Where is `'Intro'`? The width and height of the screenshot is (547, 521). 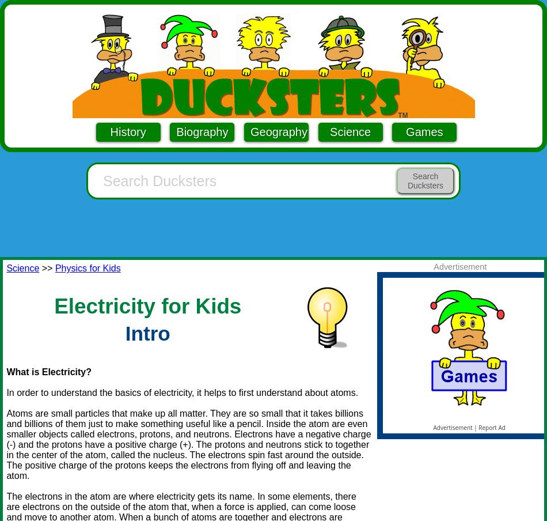 'Intro' is located at coordinates (147, 333).